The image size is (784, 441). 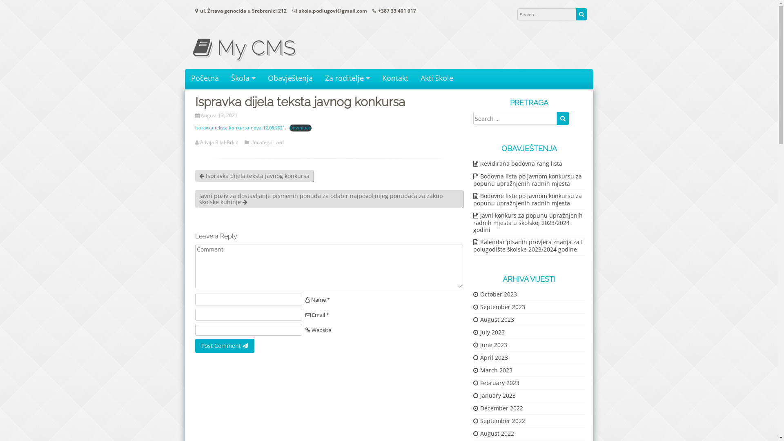 What do you see at coordinates (490, 345) in the screenshot?
I see `'June 2023'` at bounding box center [490, 345].